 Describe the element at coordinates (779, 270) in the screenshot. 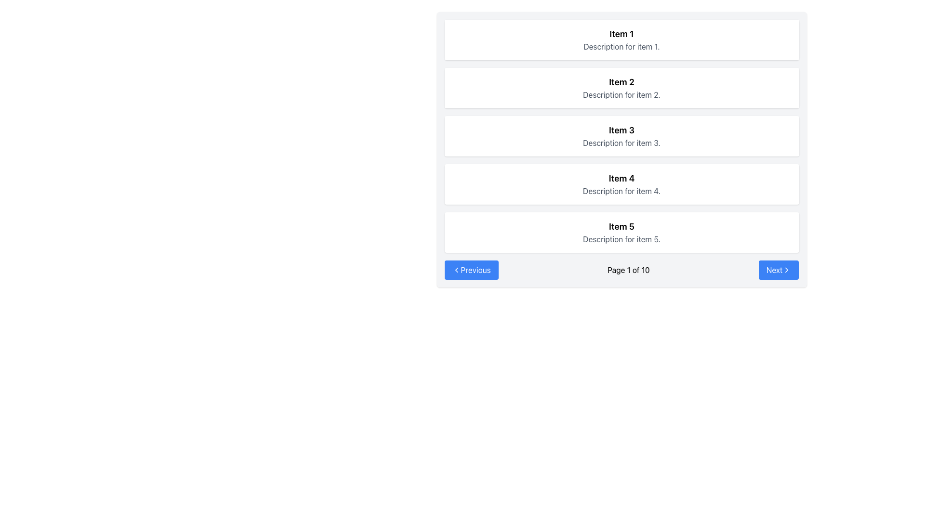

I see `the button located in the bottom-right portion of the interface` at that location.